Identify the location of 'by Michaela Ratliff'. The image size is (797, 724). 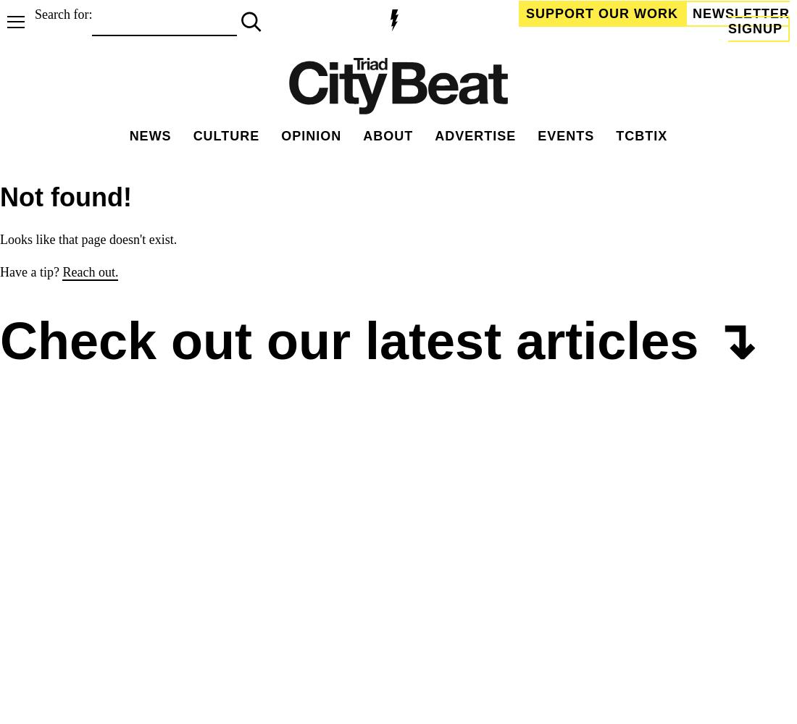
(64, 673).